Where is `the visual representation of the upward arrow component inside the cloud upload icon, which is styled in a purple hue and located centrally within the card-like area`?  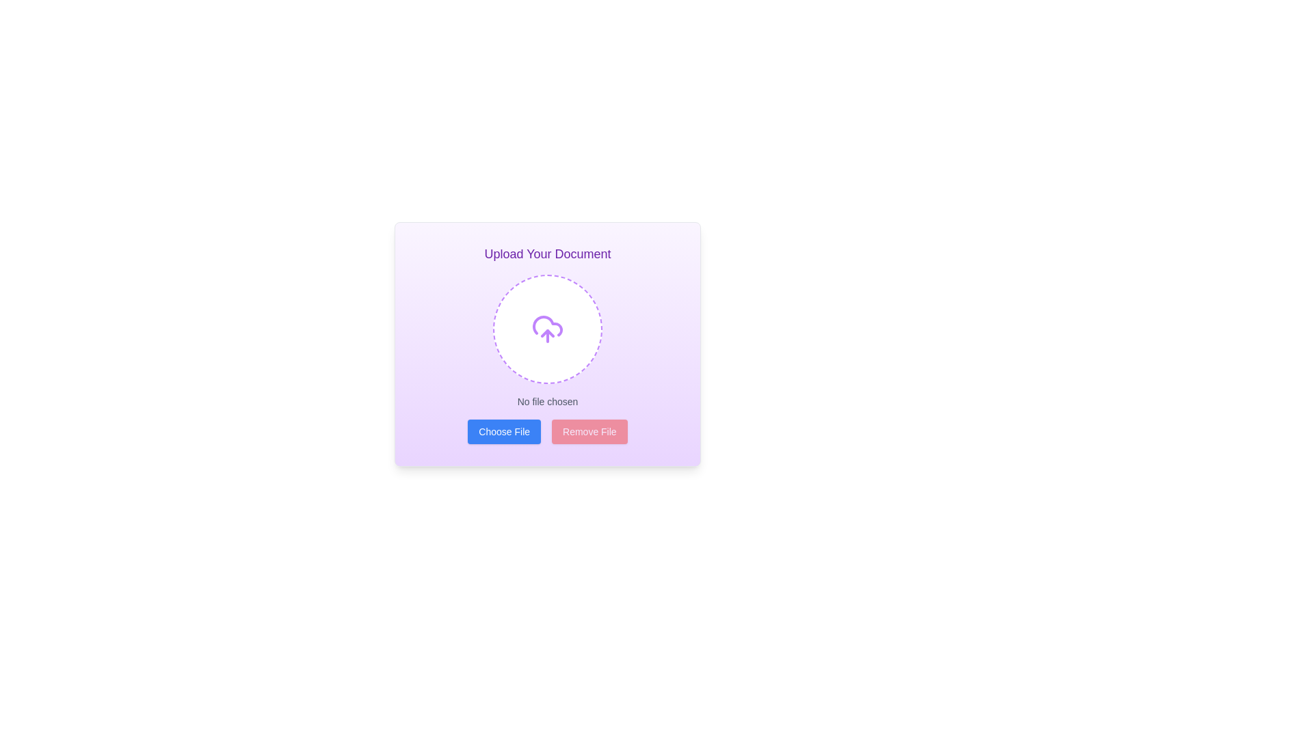 the visual representation of the upward arrow component inside the cloud upload icon, which is styled in a purple hue and located centrally within the card-like area is located at coordinates (548, 333).